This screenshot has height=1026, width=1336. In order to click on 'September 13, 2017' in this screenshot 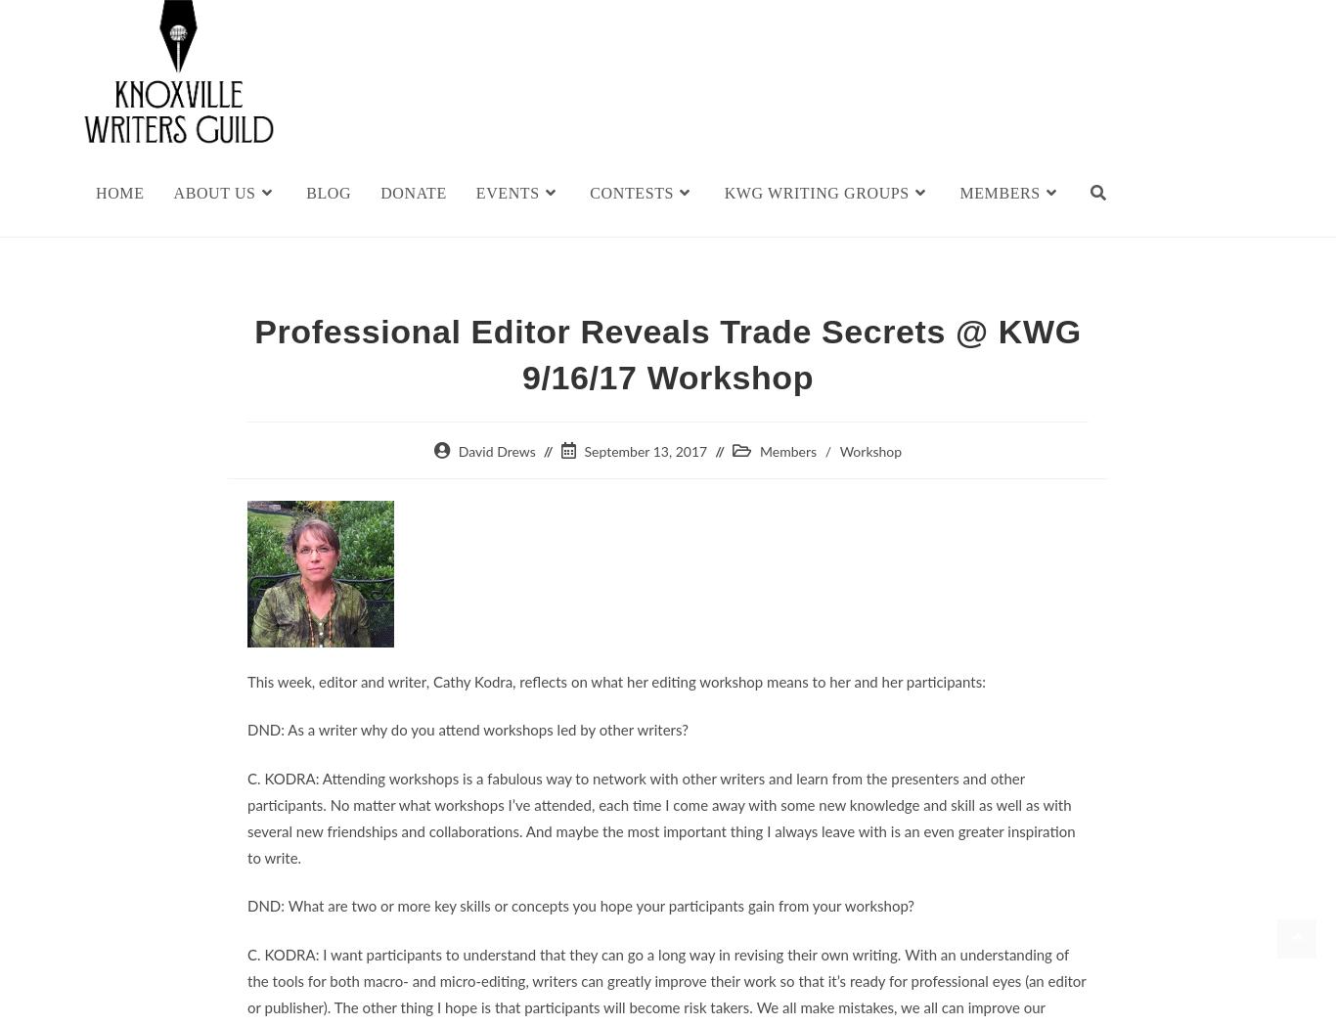, I will do `click(645, 451)`.